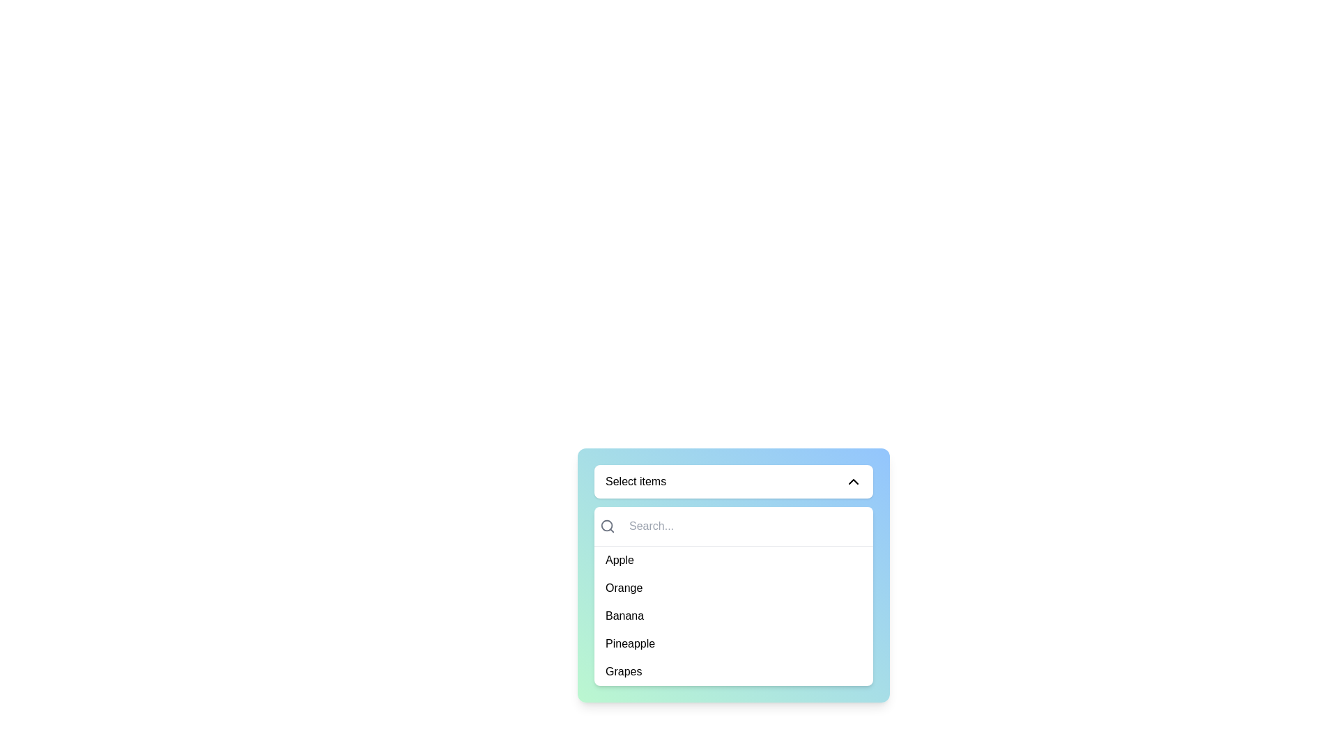 The width and height of the screenshot is (1338, 752). I want to click on the third list item that displays the word 'Banana' to activate its hover effect, so click(732, 615).